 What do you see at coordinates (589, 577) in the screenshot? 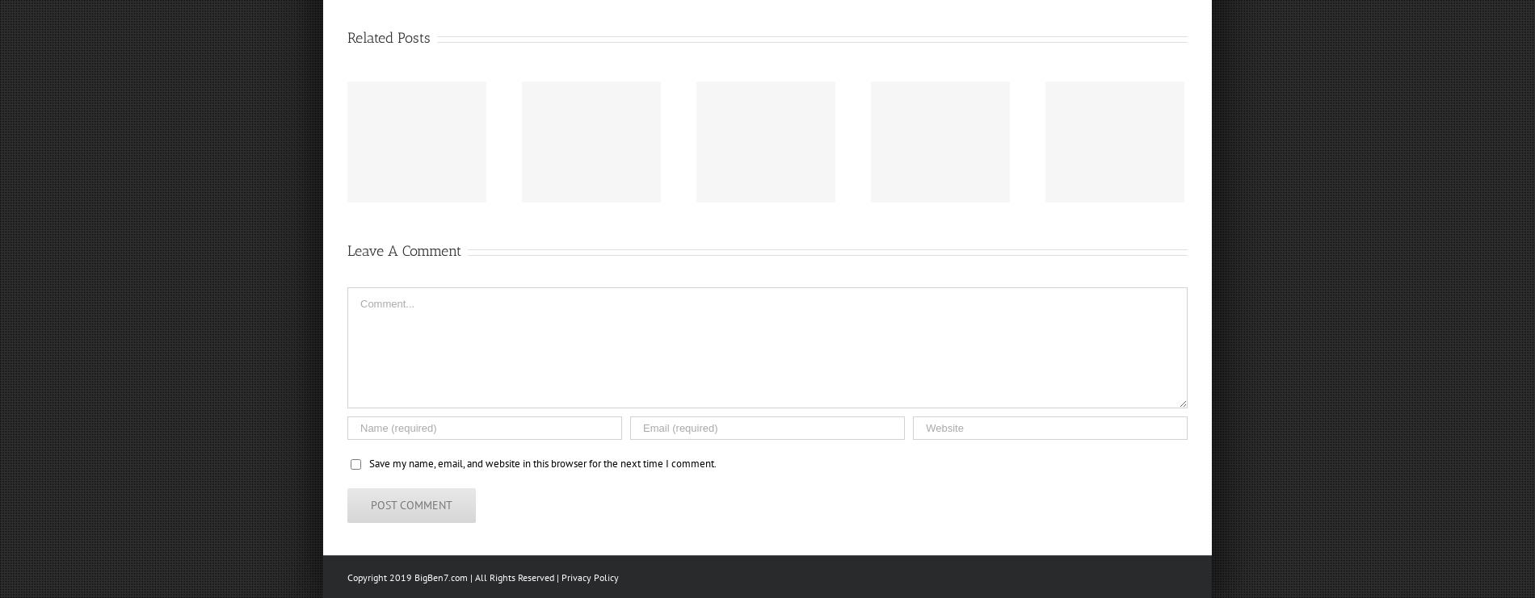
I see `'Privacy Policy'` at bounding box center [589, 577].